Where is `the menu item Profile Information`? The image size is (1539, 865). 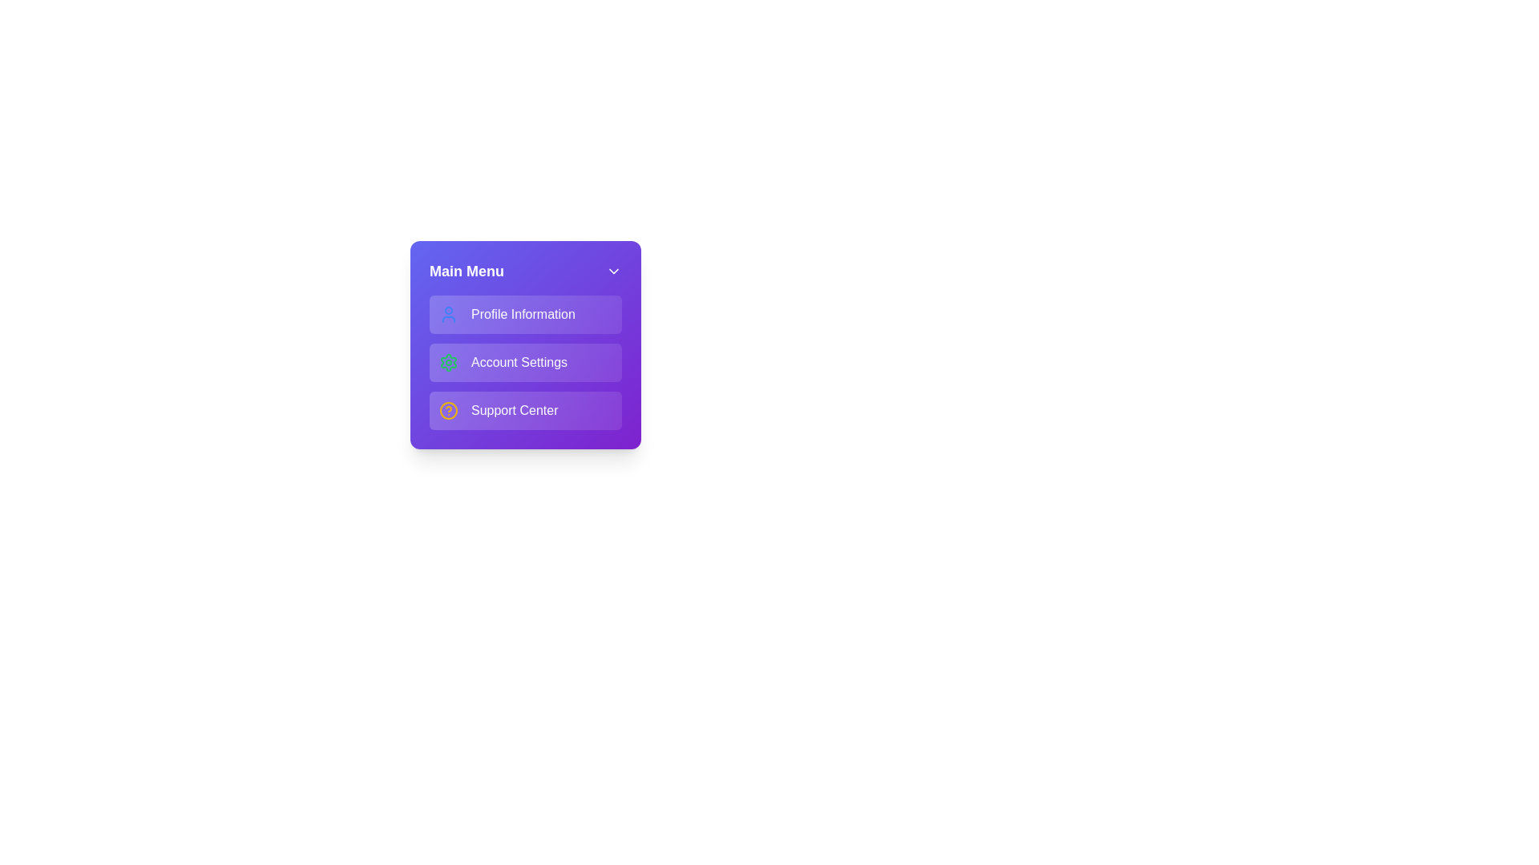 the menu item Profile Information is located at coordinates (526, 315).